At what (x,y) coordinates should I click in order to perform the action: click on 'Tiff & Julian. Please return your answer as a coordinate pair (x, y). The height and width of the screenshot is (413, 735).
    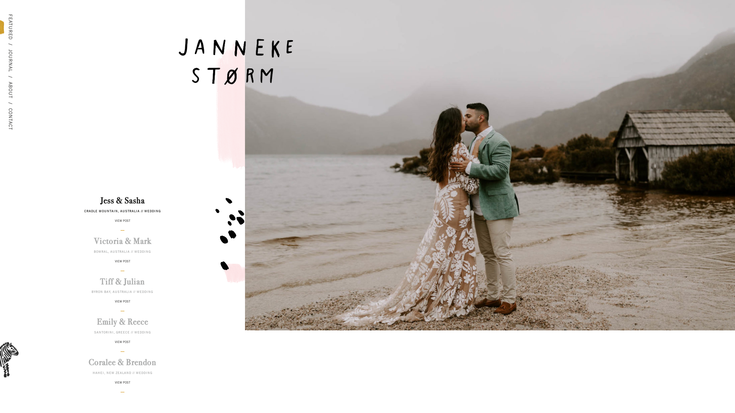
    Looking at the image, I should click on (122, 285).